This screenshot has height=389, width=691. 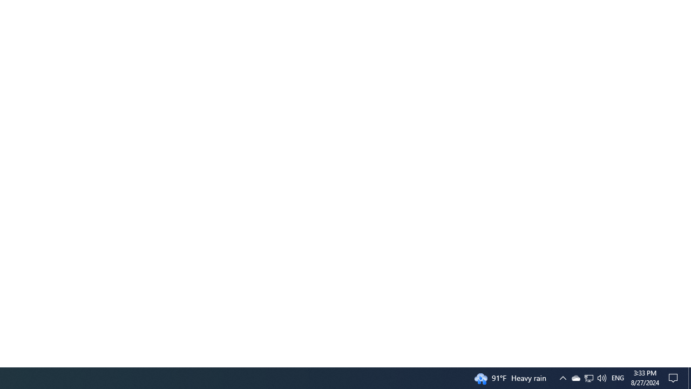 What do you see at coordinates (575, 377) in the screenshot?
I see `'User Promoted Notification Area'` at bounding box center [575, 377].